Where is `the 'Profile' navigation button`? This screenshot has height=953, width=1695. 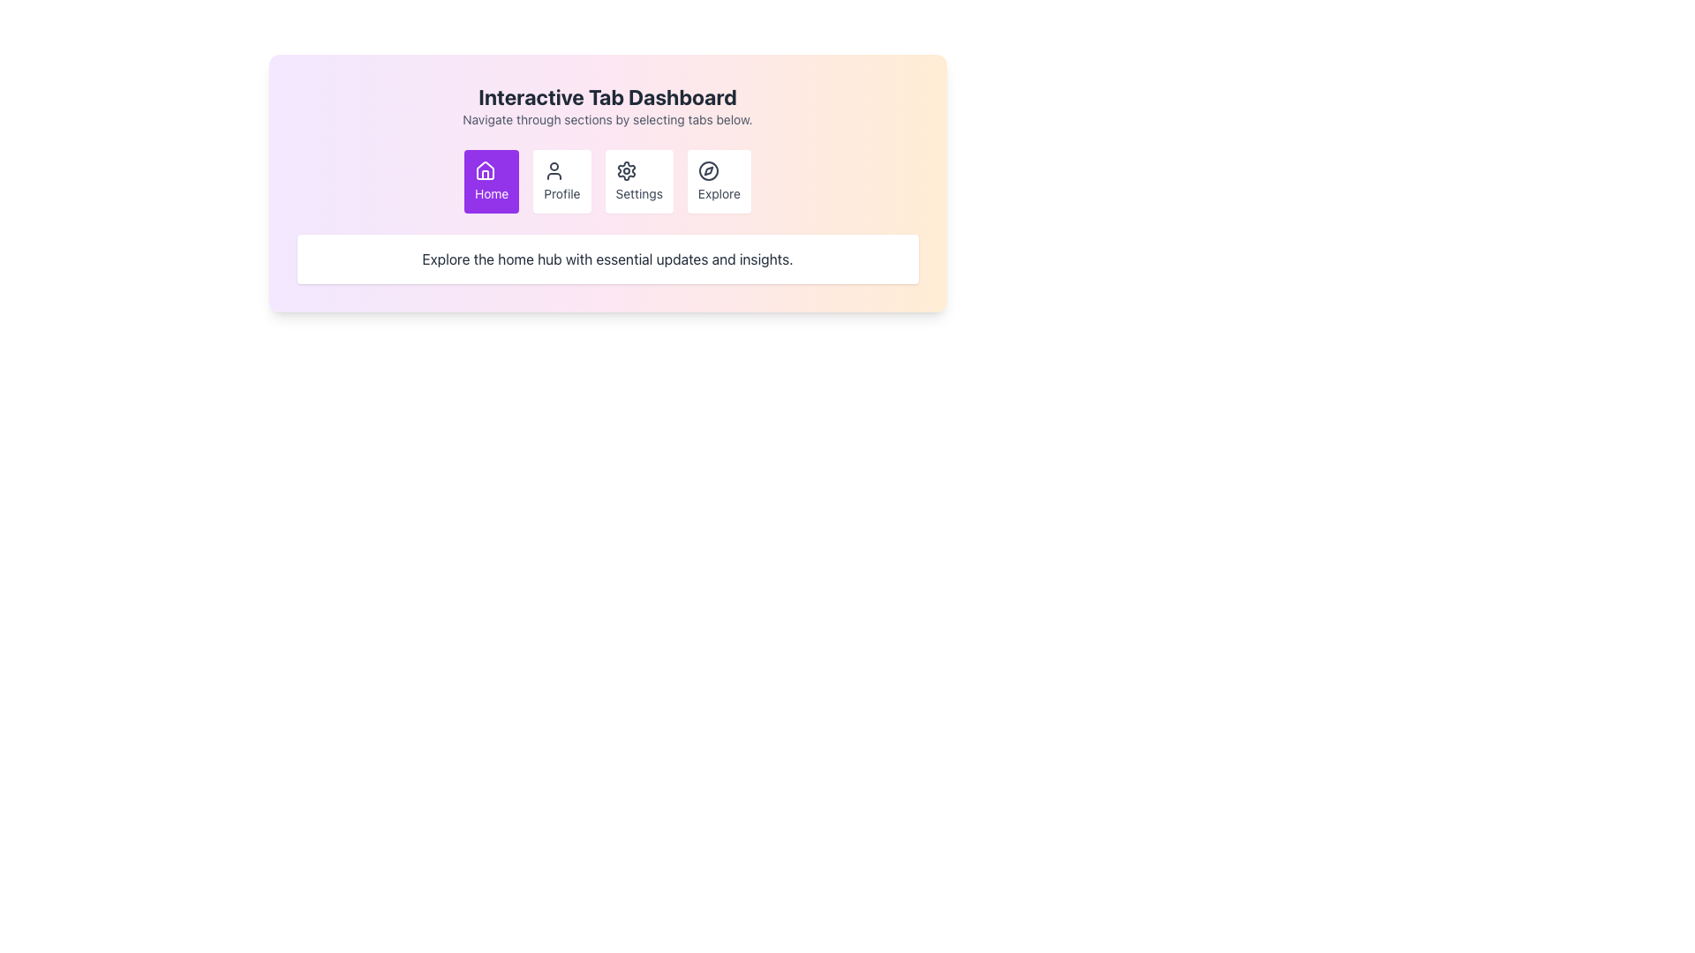
the 'Profile' navigation button is located at coordinates (561, 181).